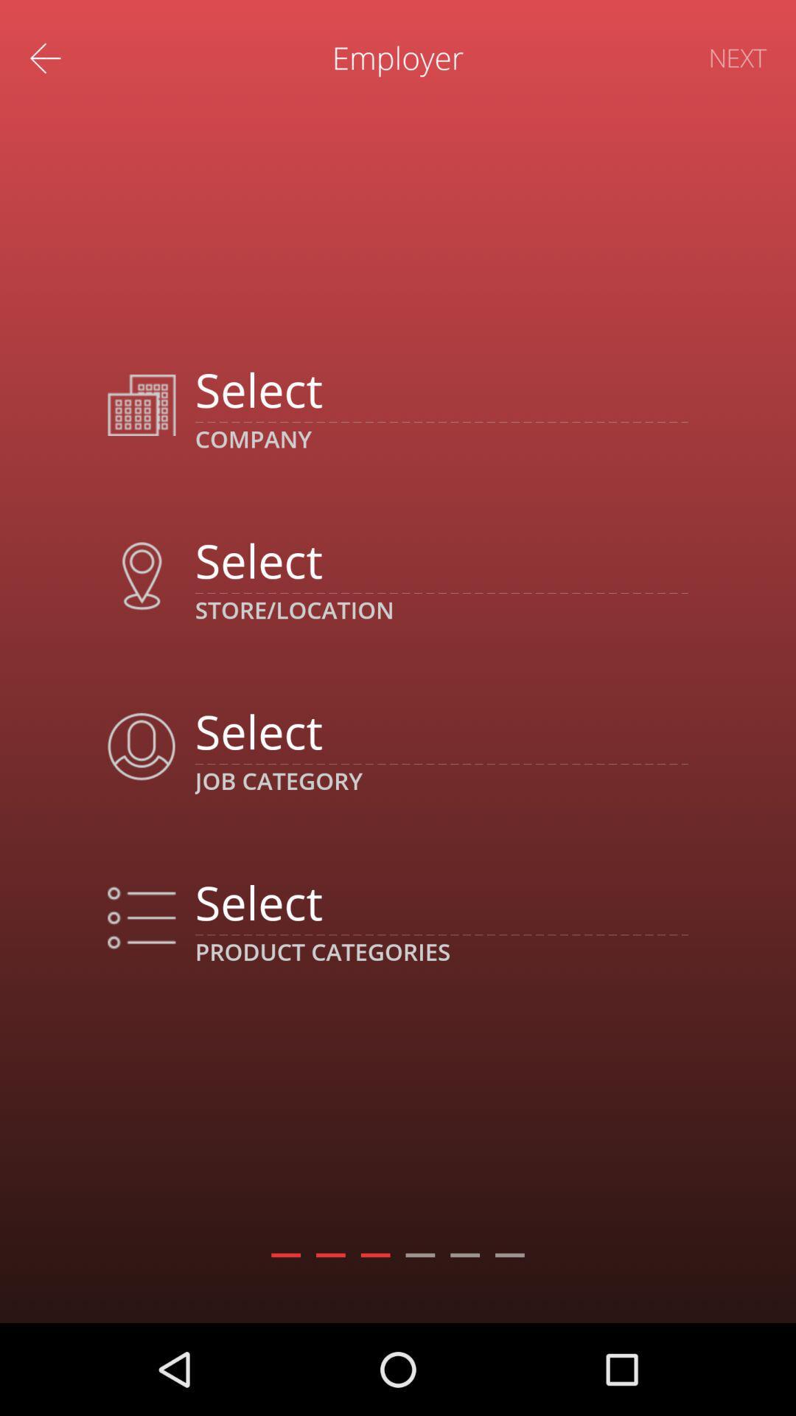 The height and width of the screenshot is (1416, 796). I want to click on company, so click(441, 389).